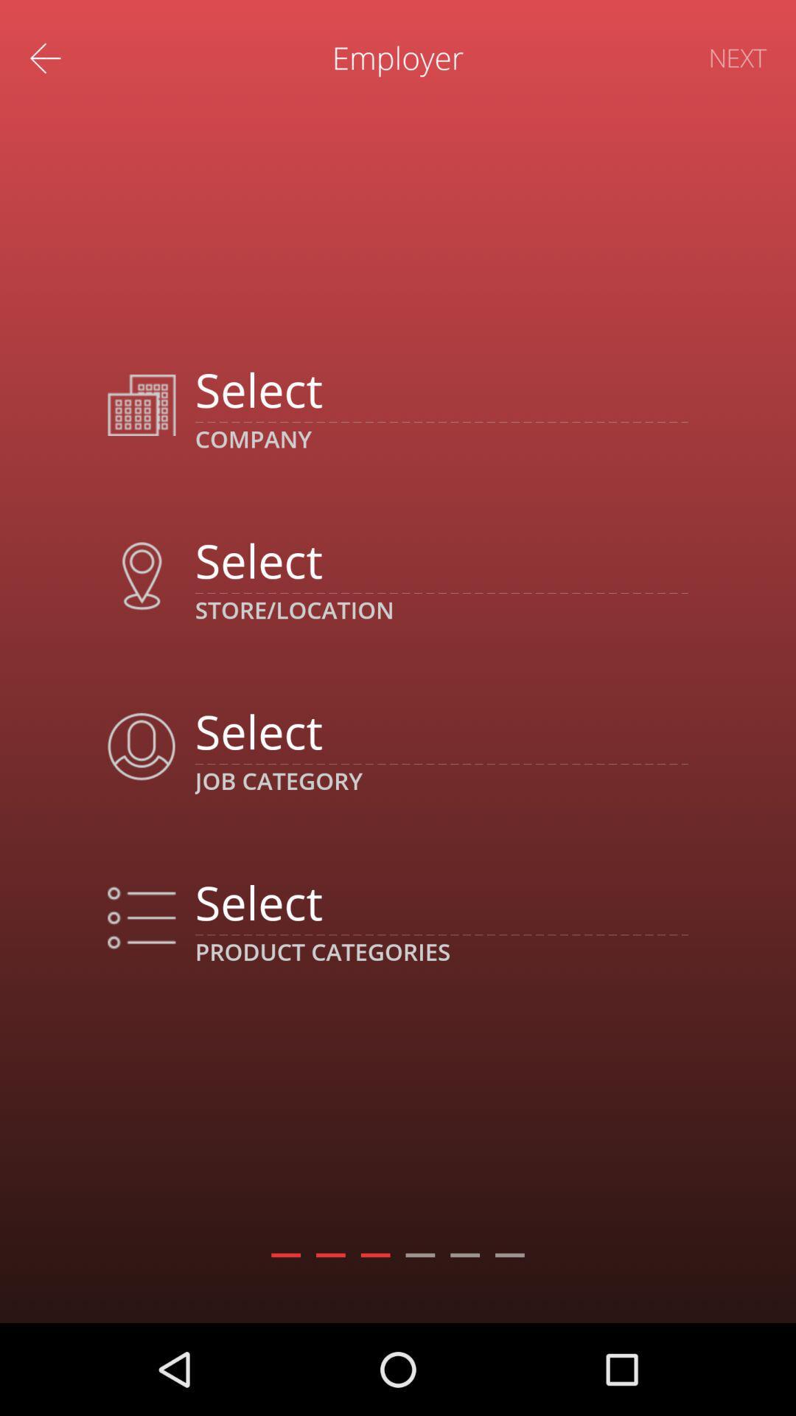 The height and width of the screenshot is (1416, 796). I want to click on company, so click(441, 389).